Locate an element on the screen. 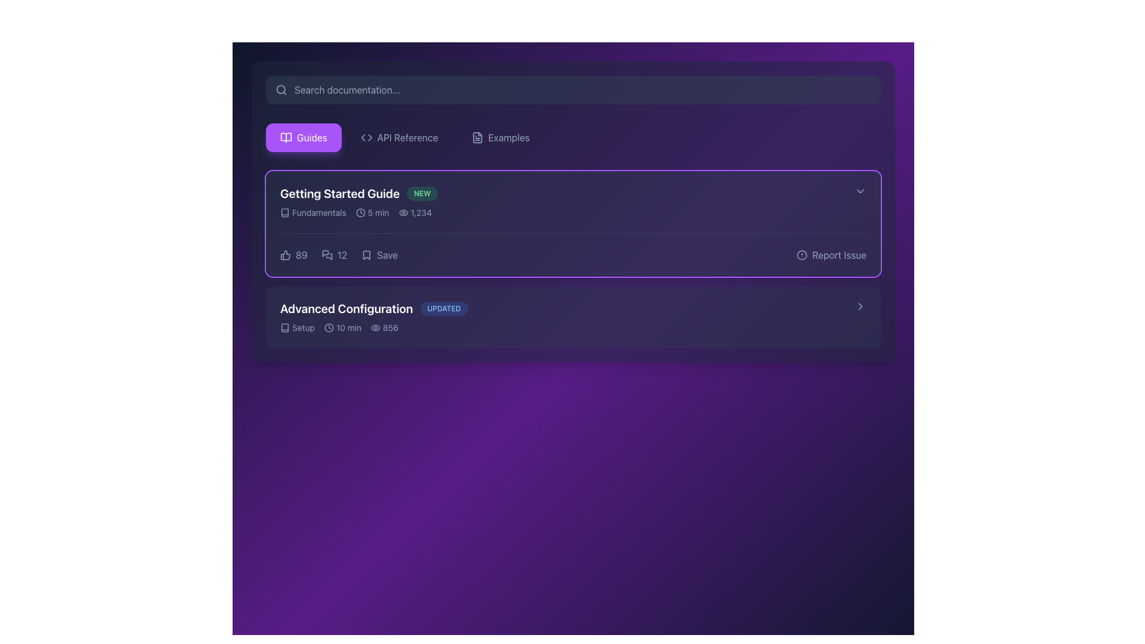  the eye icon representing the view count for the 'Advanced Configuration' section, located to the left of the number '856' is located at coordinates (375, 328).